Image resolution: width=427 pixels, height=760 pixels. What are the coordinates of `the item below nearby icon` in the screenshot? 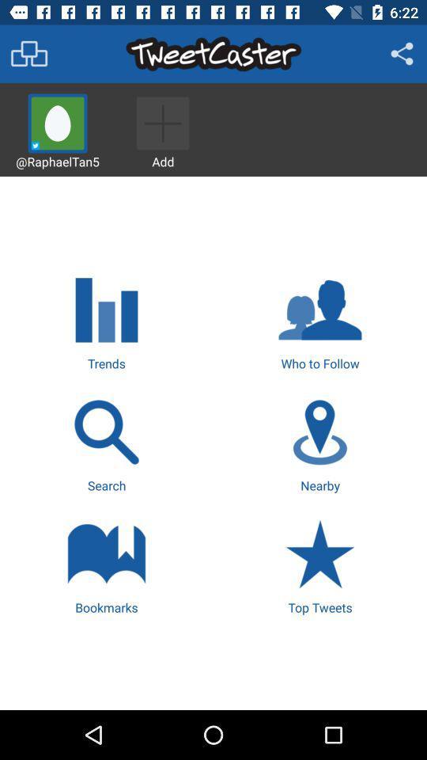 It's located at (320, 565).